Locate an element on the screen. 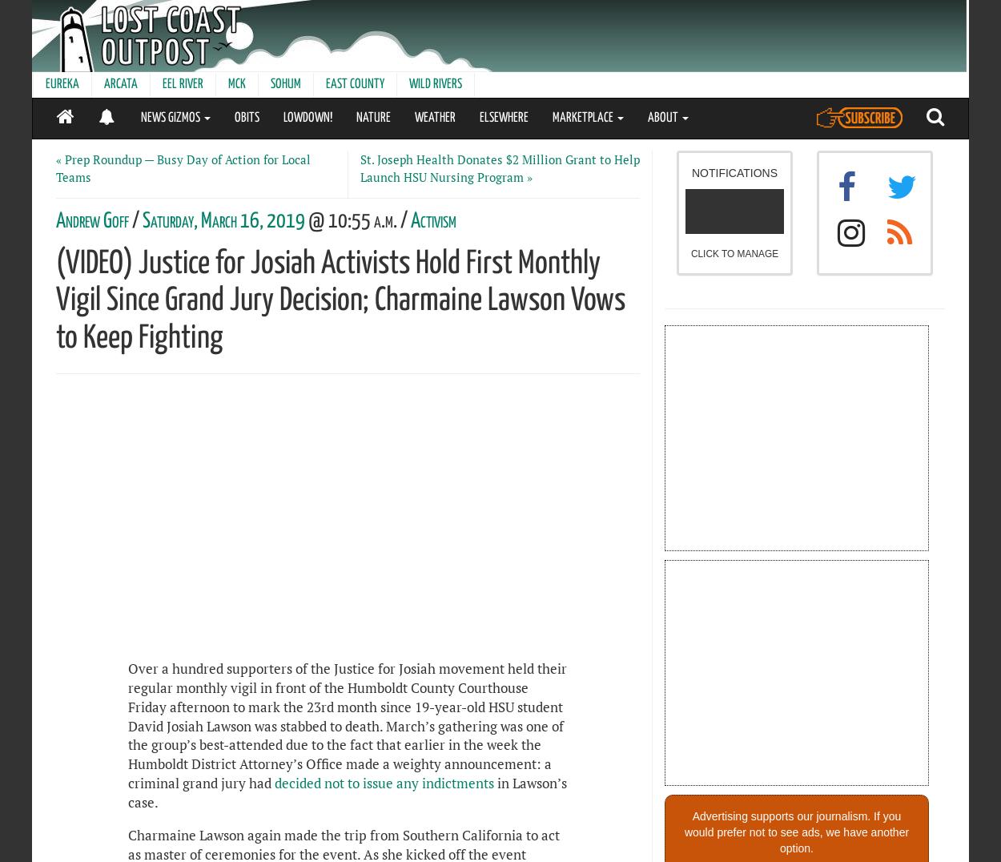 Image resolution: width=1001 pixels, height=862 pixels. 'NOTIFICATIONS' is located at coordinates (734, 171).